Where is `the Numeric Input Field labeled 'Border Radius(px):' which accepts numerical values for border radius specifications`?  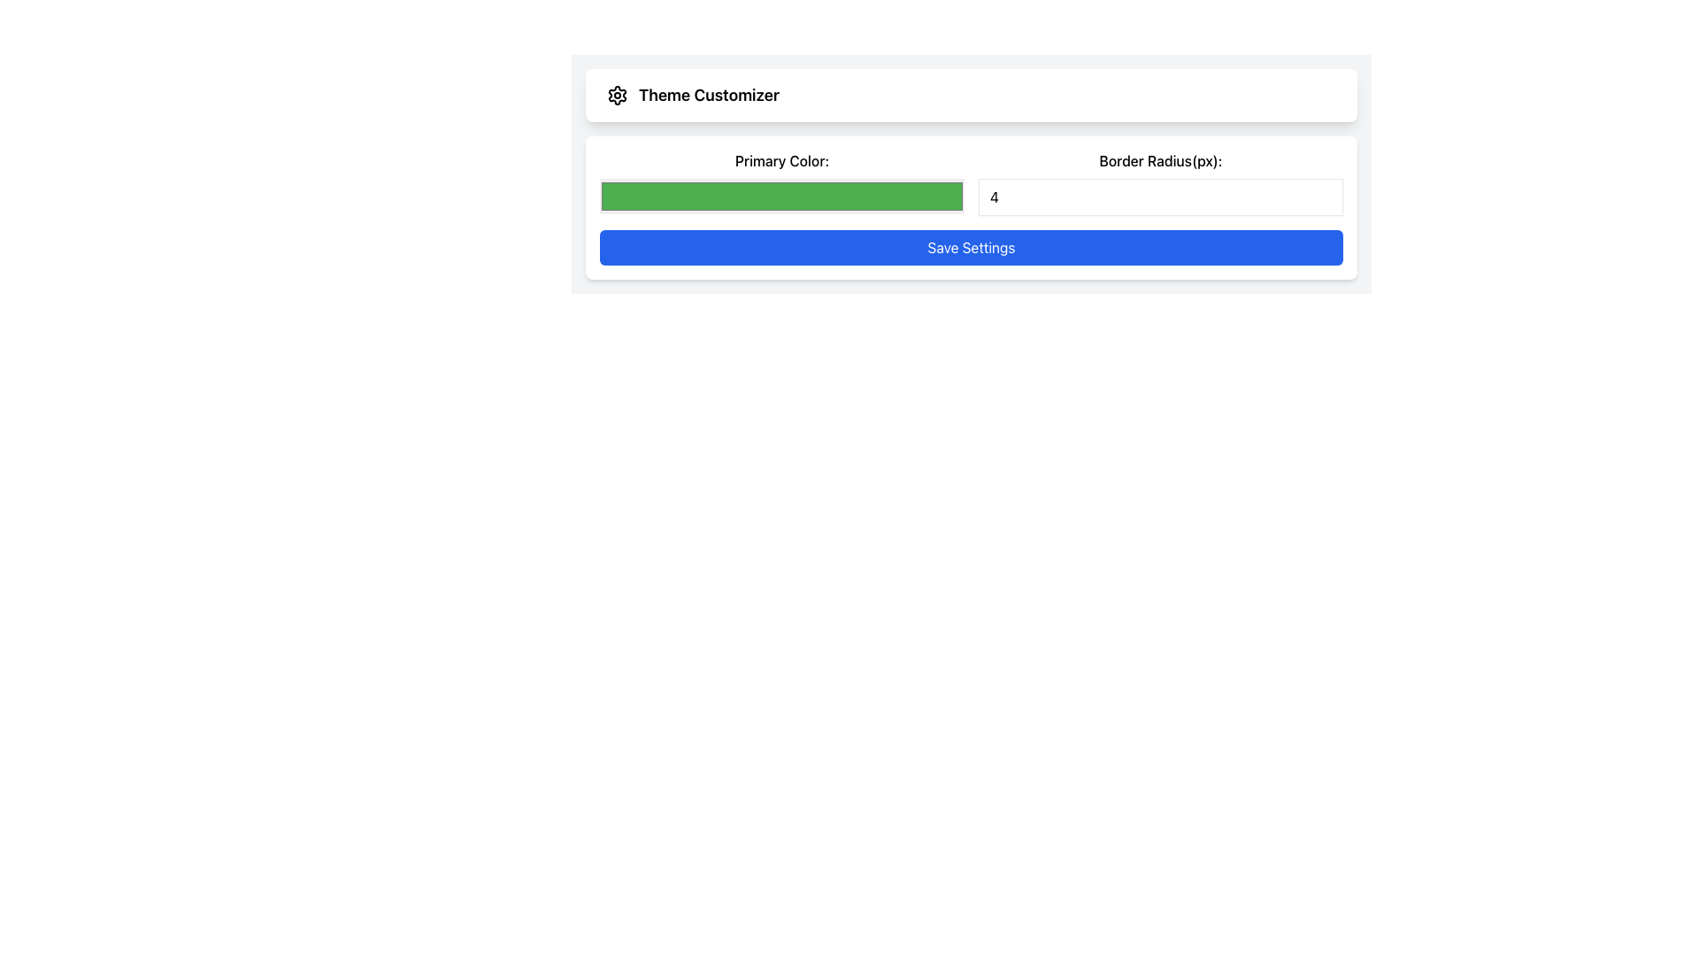 the Numeric Input Field labeled 'Border Radius(px):' which accepts numerical values for border radius specifications is located at coordinates (1160, 183).